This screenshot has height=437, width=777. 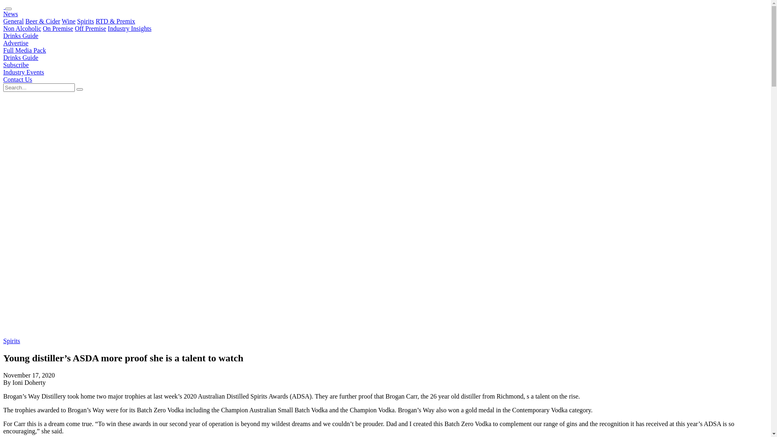 I want to click on 'Wine', so click(x=62, y=21).